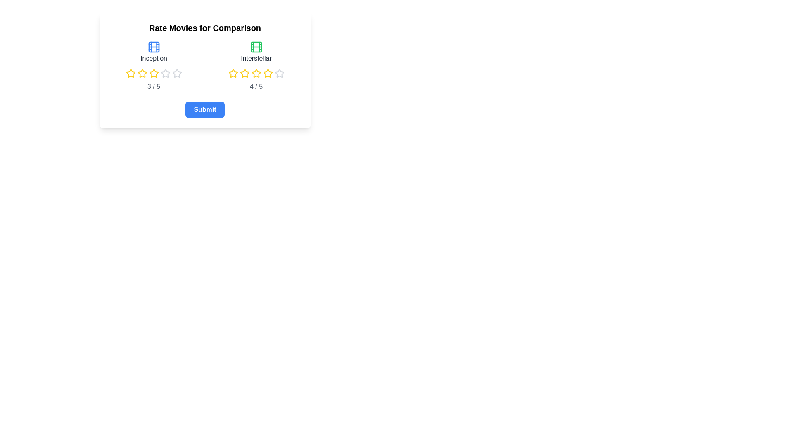 The image size is (793, 446). Describe the element at coordinates (205, 109) in the screenshot. I see `the submit button to submit the ratings` at that location.